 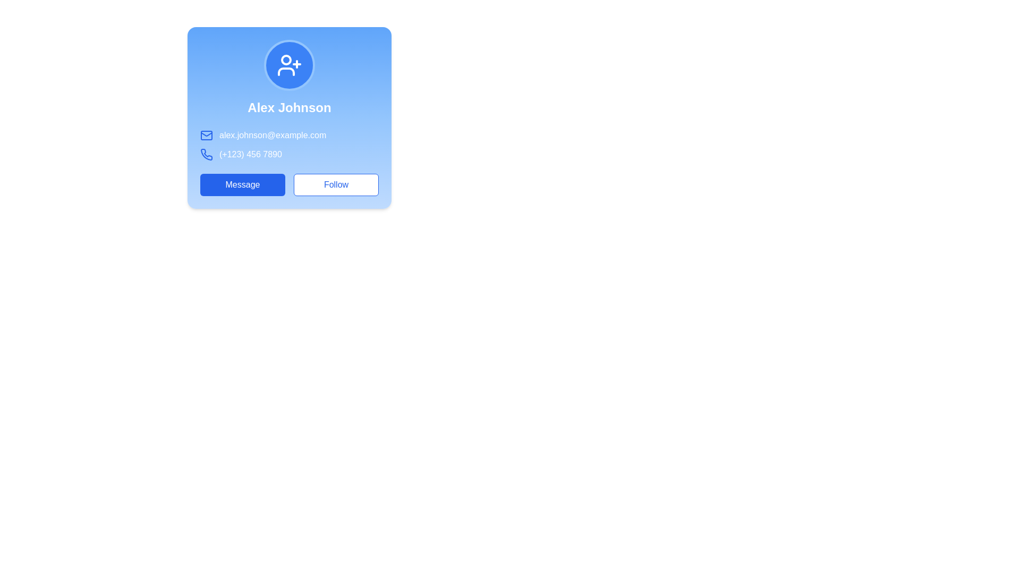 What do you see at coordinates (290, 134) in the screenshot?
I see `the email address text label displayed in white alongside the email icon on a blue background, located under the name 'Alex Johnson'` at bounding box center [290, 134].